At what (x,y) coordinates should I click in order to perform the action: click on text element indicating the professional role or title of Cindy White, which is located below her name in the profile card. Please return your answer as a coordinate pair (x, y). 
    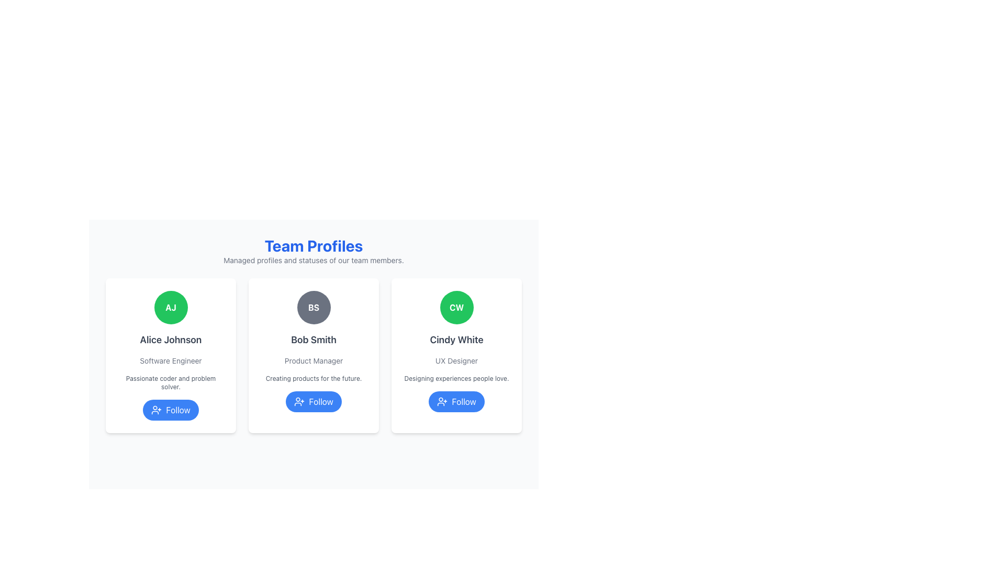
    Looking at the image, I should click on (456, 360).